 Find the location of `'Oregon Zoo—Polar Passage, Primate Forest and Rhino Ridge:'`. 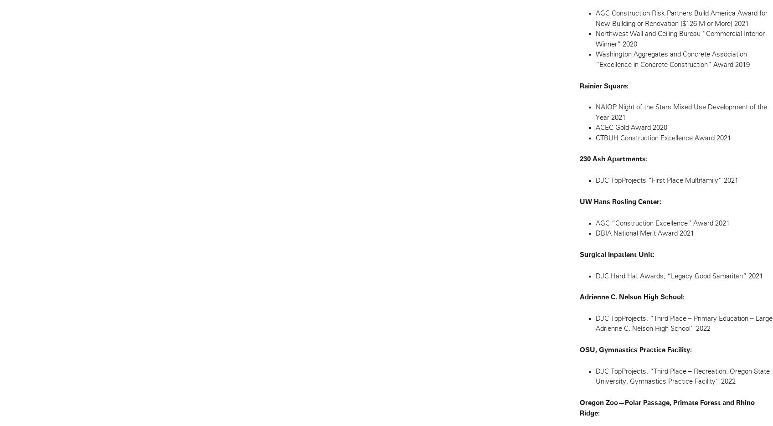

'Oregon Zoo—Polar Passage, Primate Forest and Rhino Ridge:' is located at coordinates (667, 408).